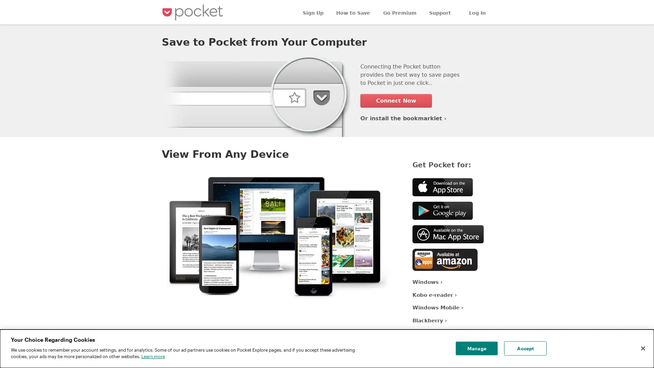 This screenshot has height=368, width=654. Describe the element at coordinates (642, 348) in the screenshot. I see `Close` at that location.